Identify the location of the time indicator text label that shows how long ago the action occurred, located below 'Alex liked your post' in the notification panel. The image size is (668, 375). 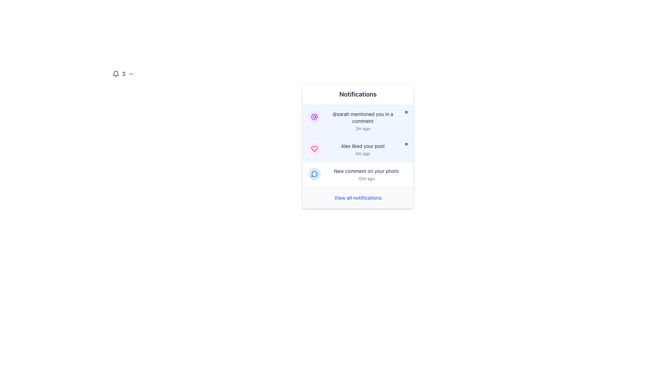
(362, 153).